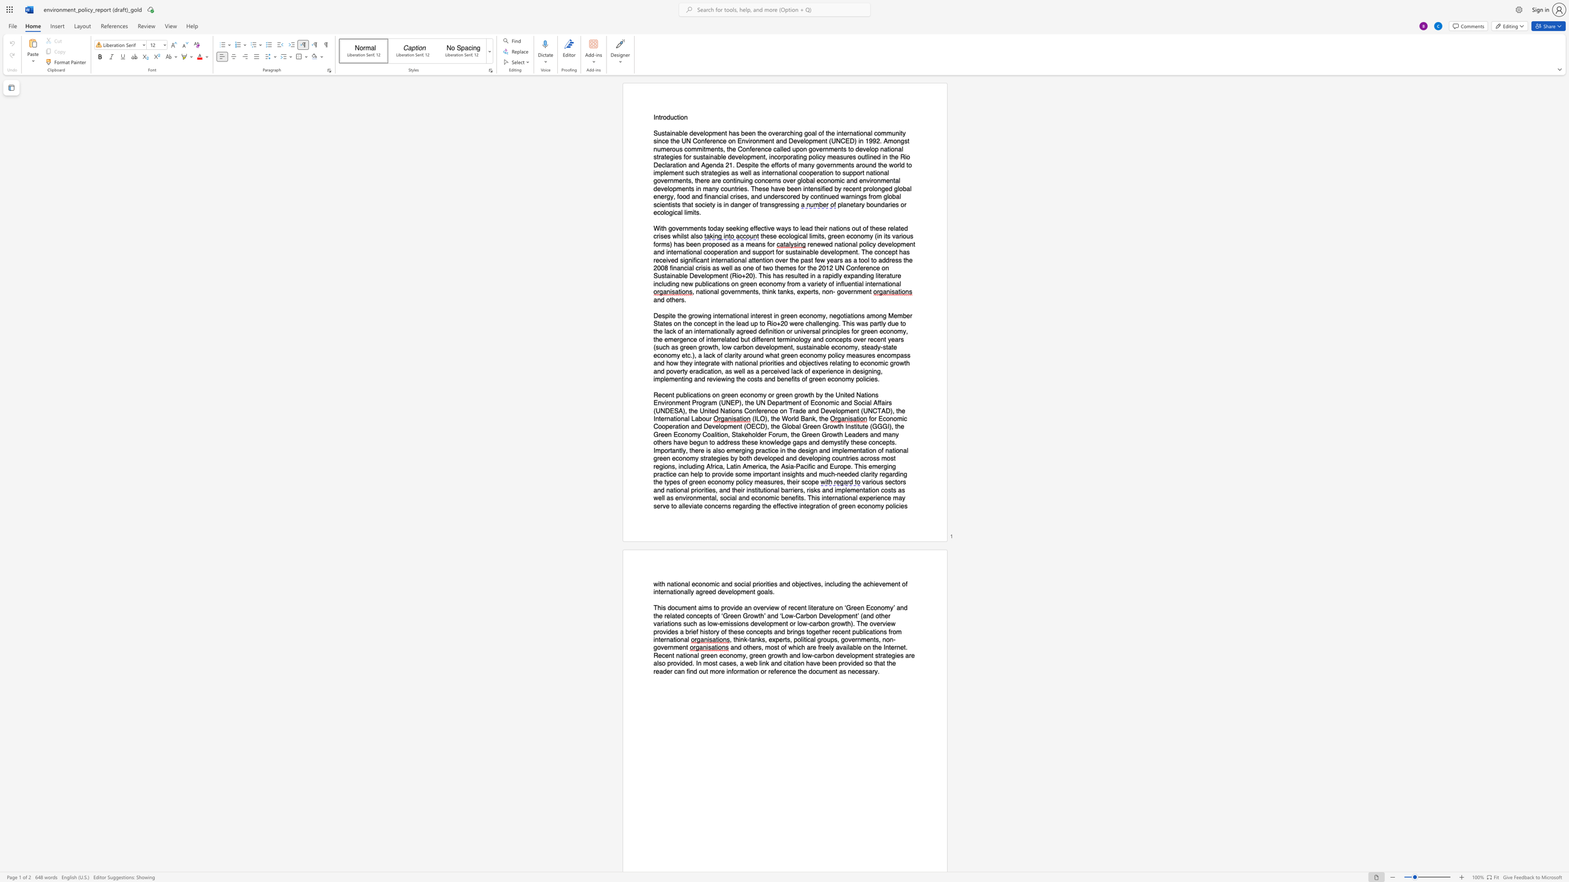  What do you see at coordinates (866, 292) in the screenshot?
I see `the subset text "nt" within the text ", national governments, think tanks, experts, non‐ government"` at bounding box center [866, 292].